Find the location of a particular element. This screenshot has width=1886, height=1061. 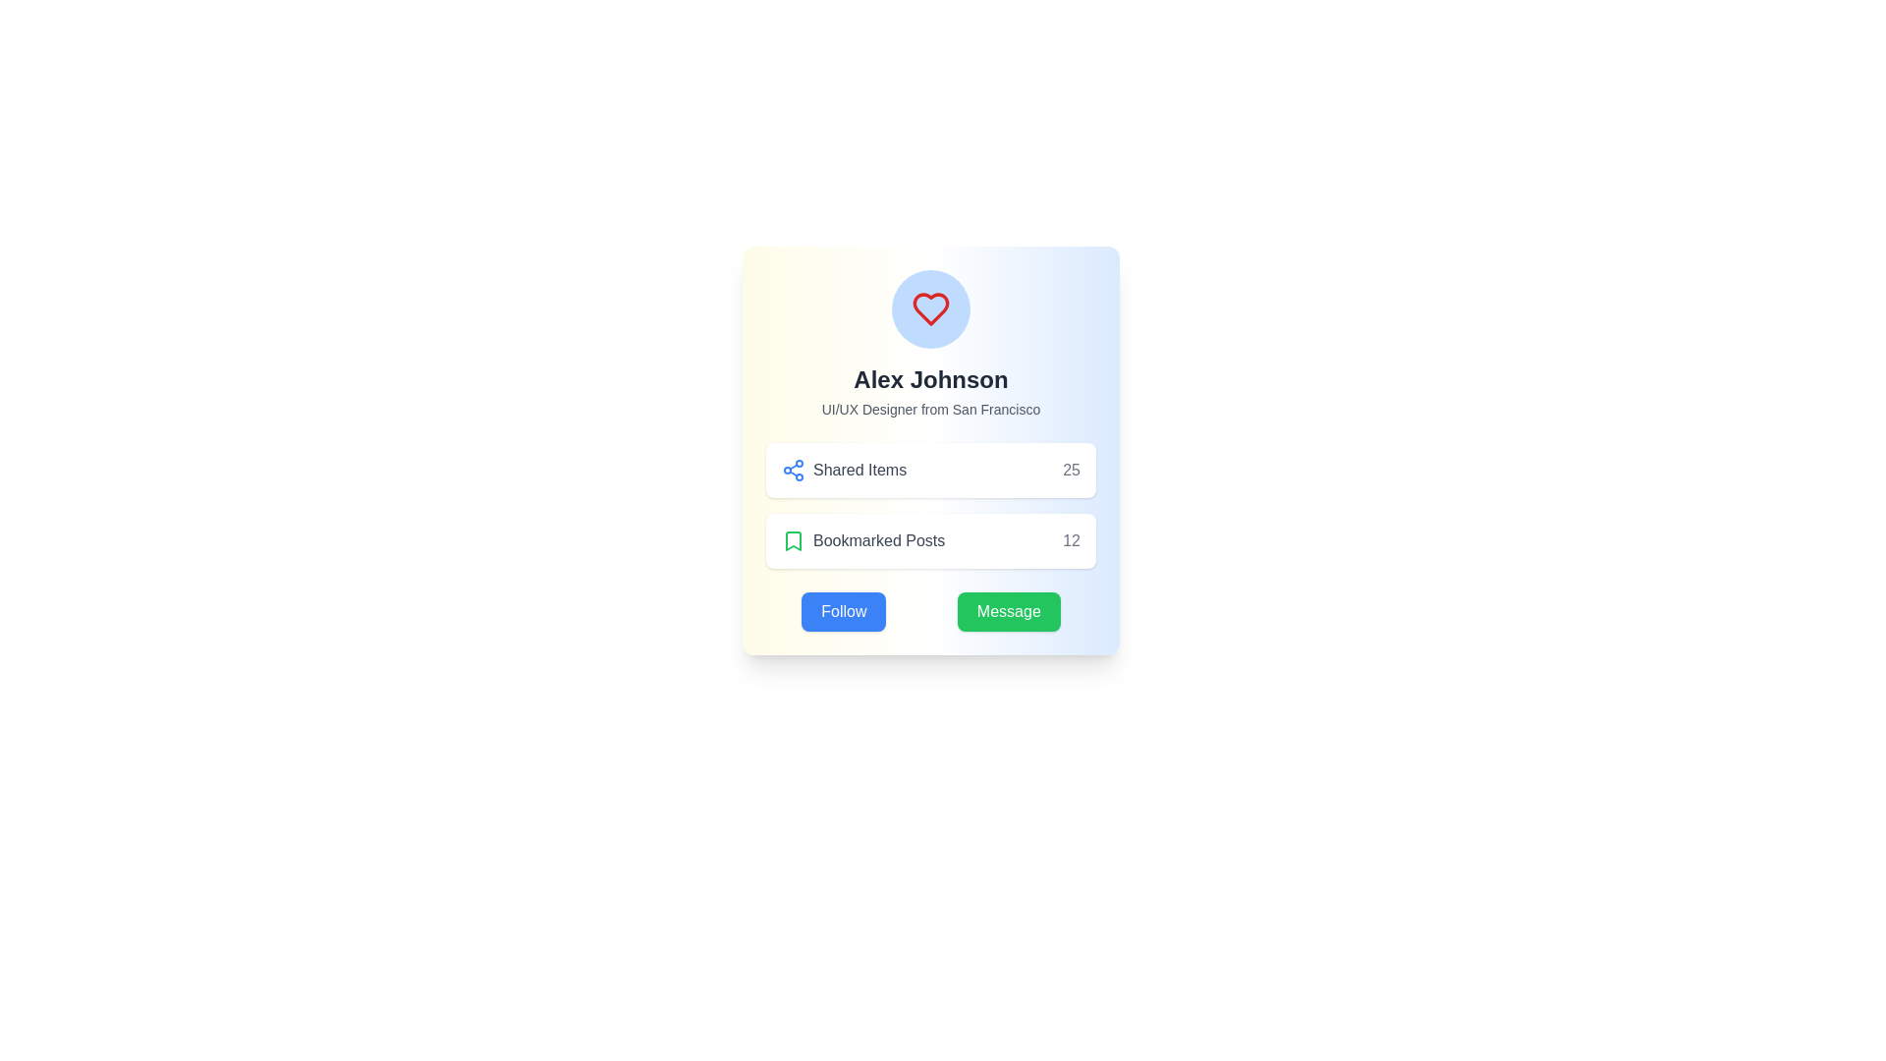

the text label displaying 'Bookmarked Posts' in gray font, which is located in the second row of a card layout, to the right of a green bookmark icon is located at coordinates (878, 541).